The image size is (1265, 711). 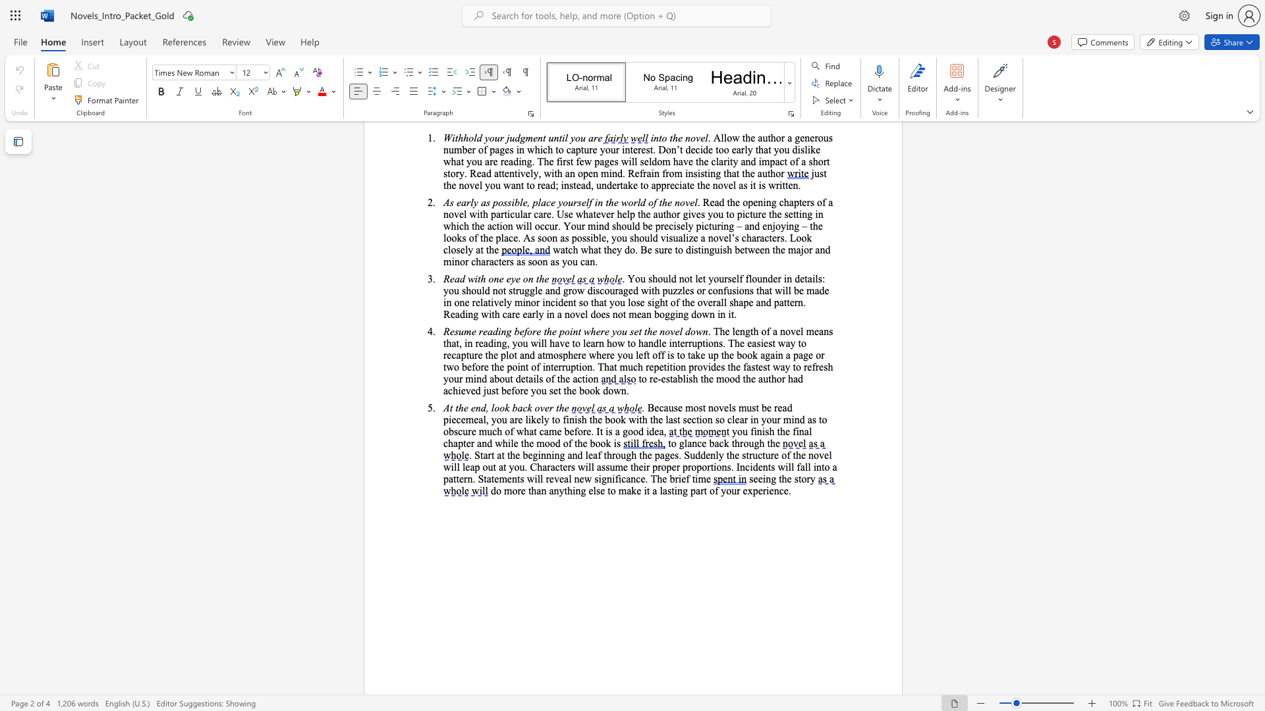 What do you see at coordinates (615, 419) in the screenshot?
I see `the subset text "ok with the last section so clear in yo" within the text "Because most novels must be read piecemeal, you are likely to finish the book with the last section so clear in your mind as to obscure much of what came before. It is"` at bounding box center [615, 419].